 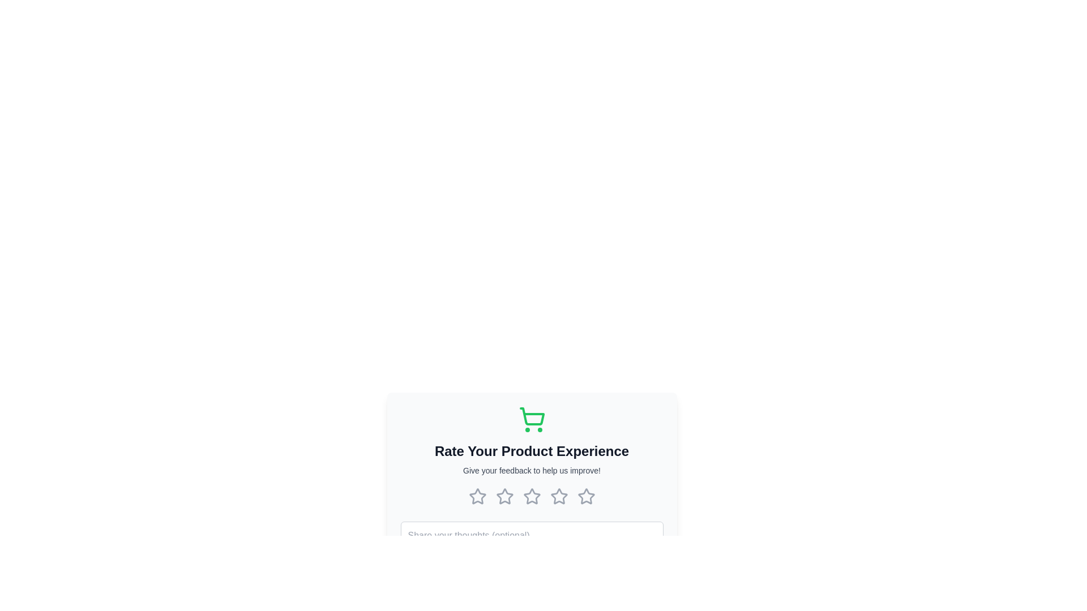 I want to click on the third star icon in the rating system, so click(x=531, y=496).